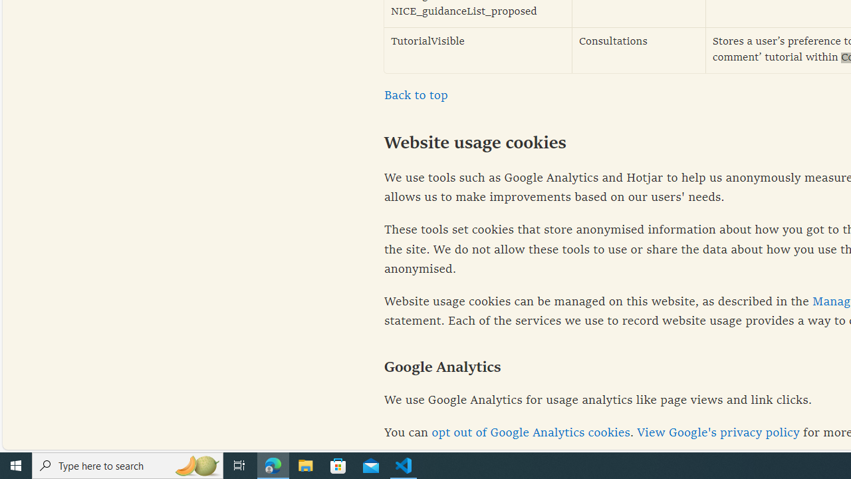 The height and width of the screenshot is (479, 851). I want to click on 'Consultations', so click(639, 49).